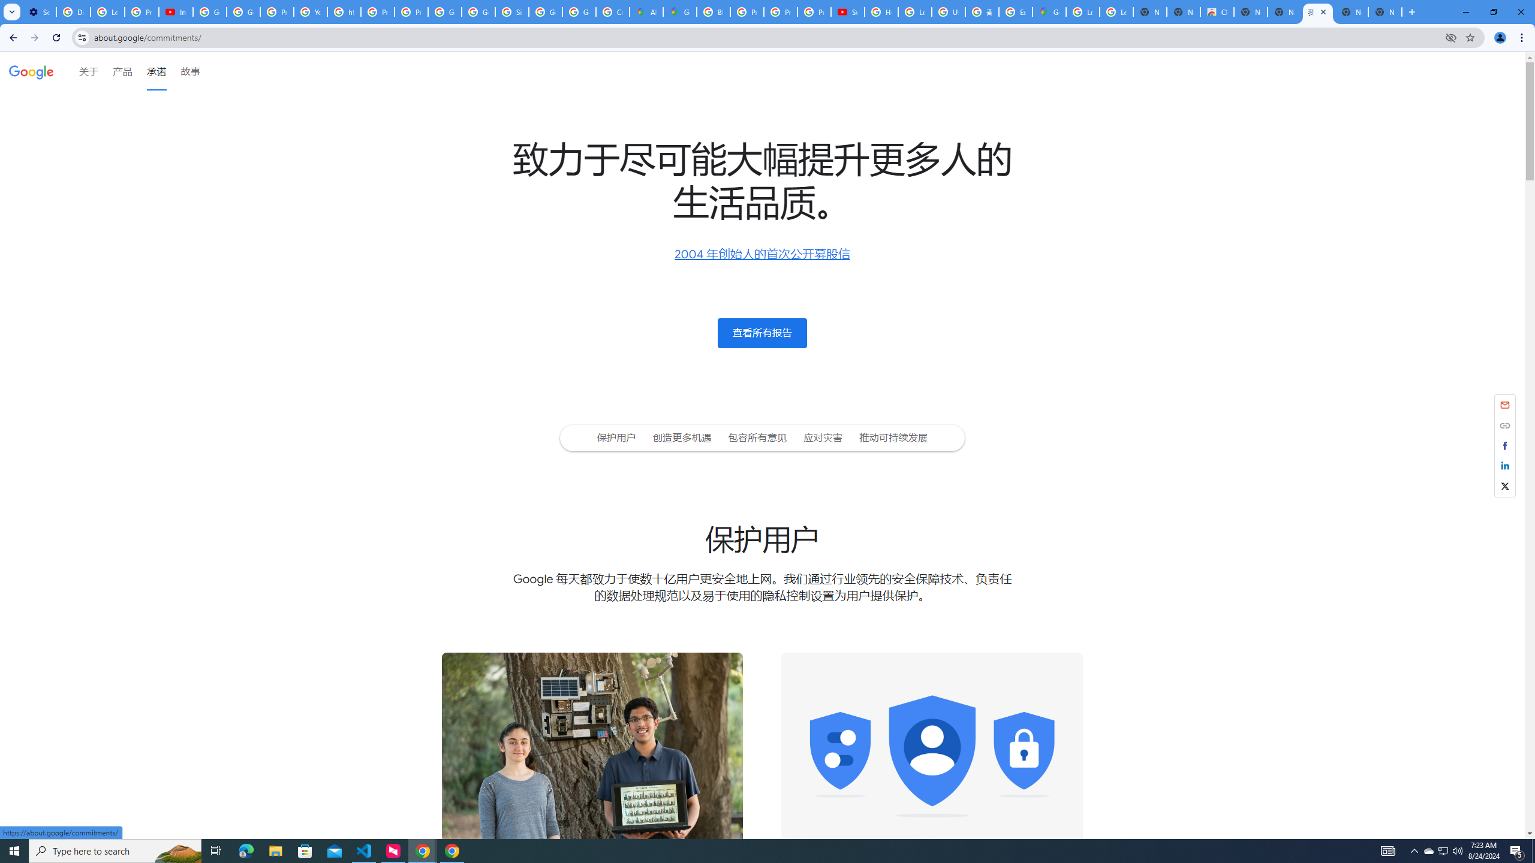  I want to click on 'YouTube', so click(310, 11).